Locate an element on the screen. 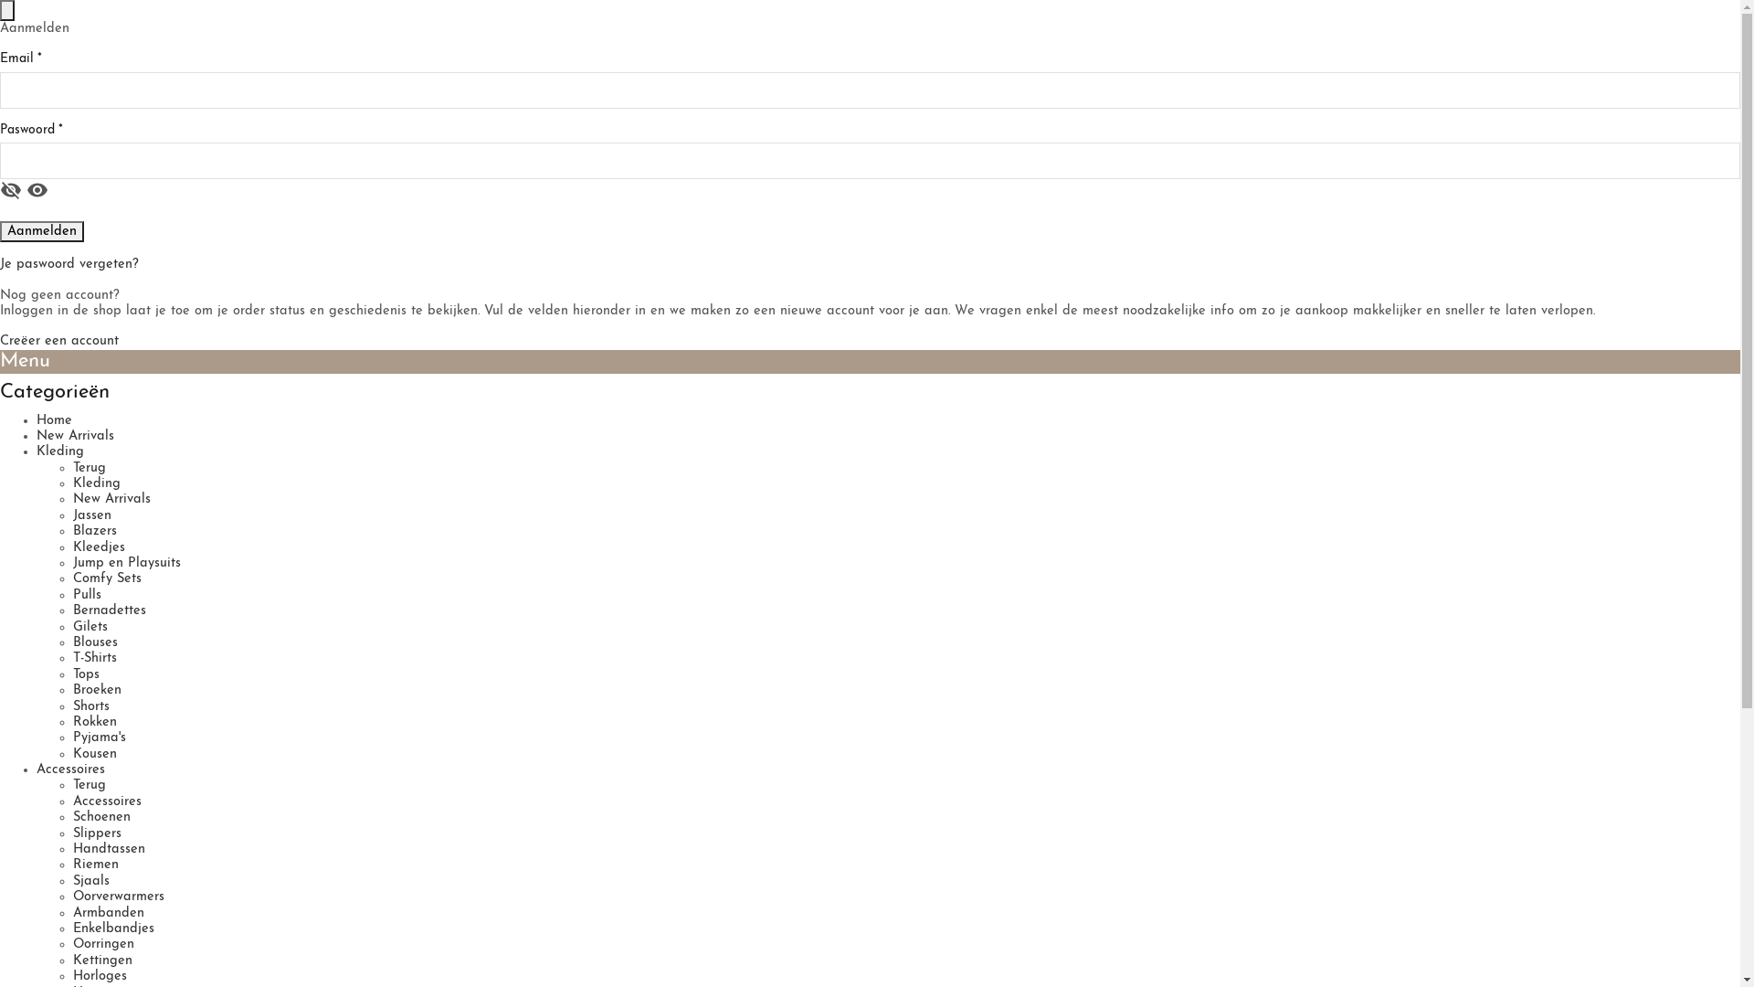  'Armbanden' is located at coordinates (108, 913).